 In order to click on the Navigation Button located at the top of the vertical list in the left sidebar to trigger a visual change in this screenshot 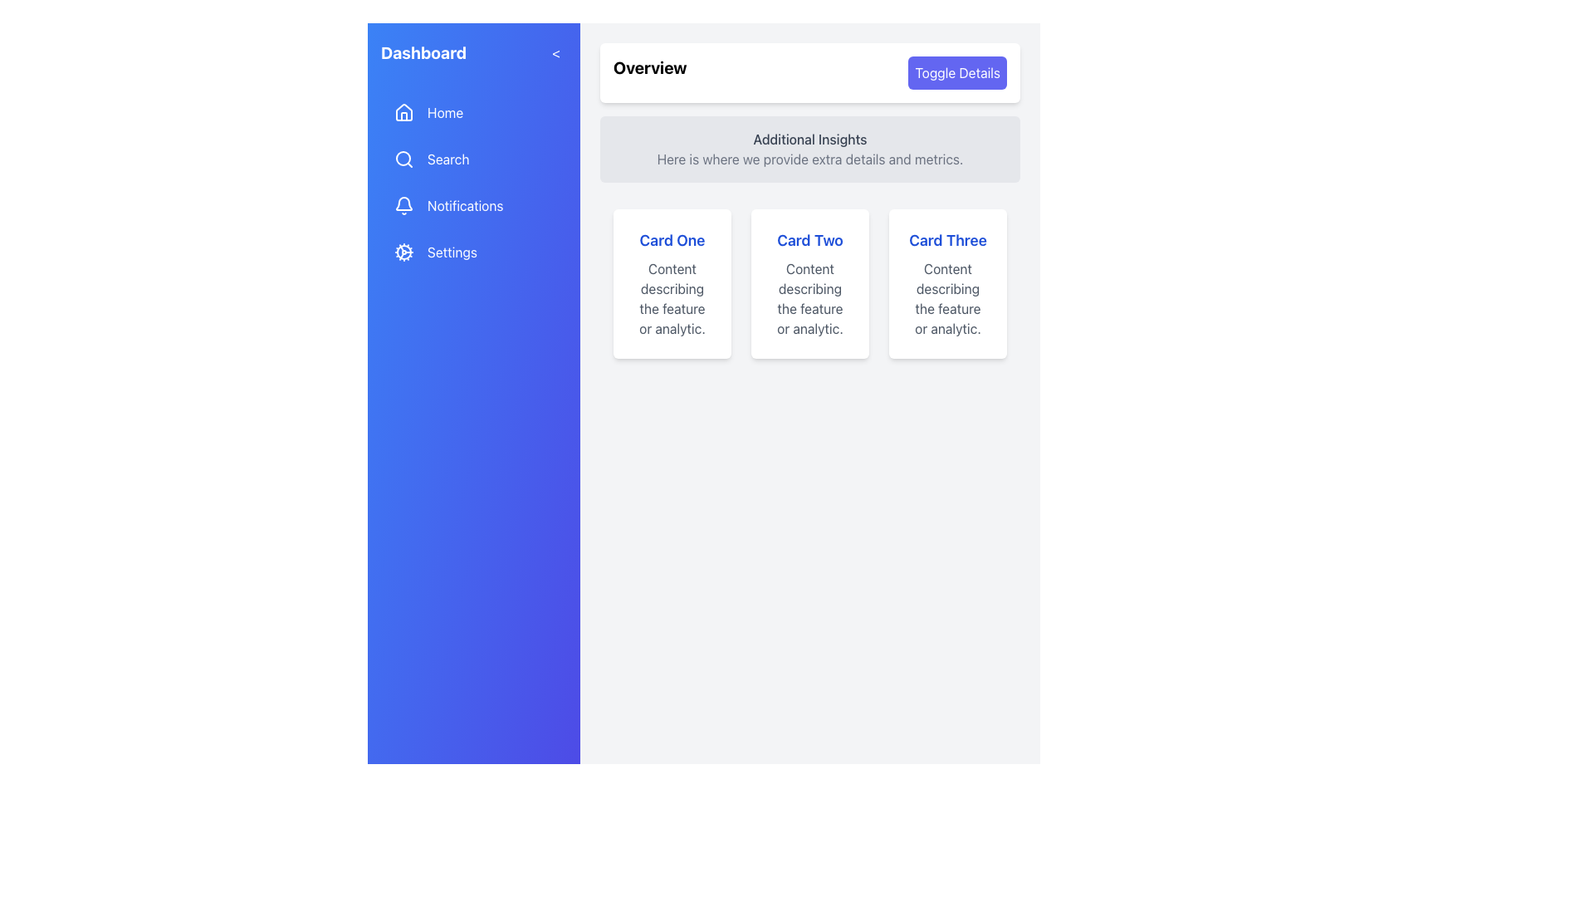, I will do `click(473, 112)`.